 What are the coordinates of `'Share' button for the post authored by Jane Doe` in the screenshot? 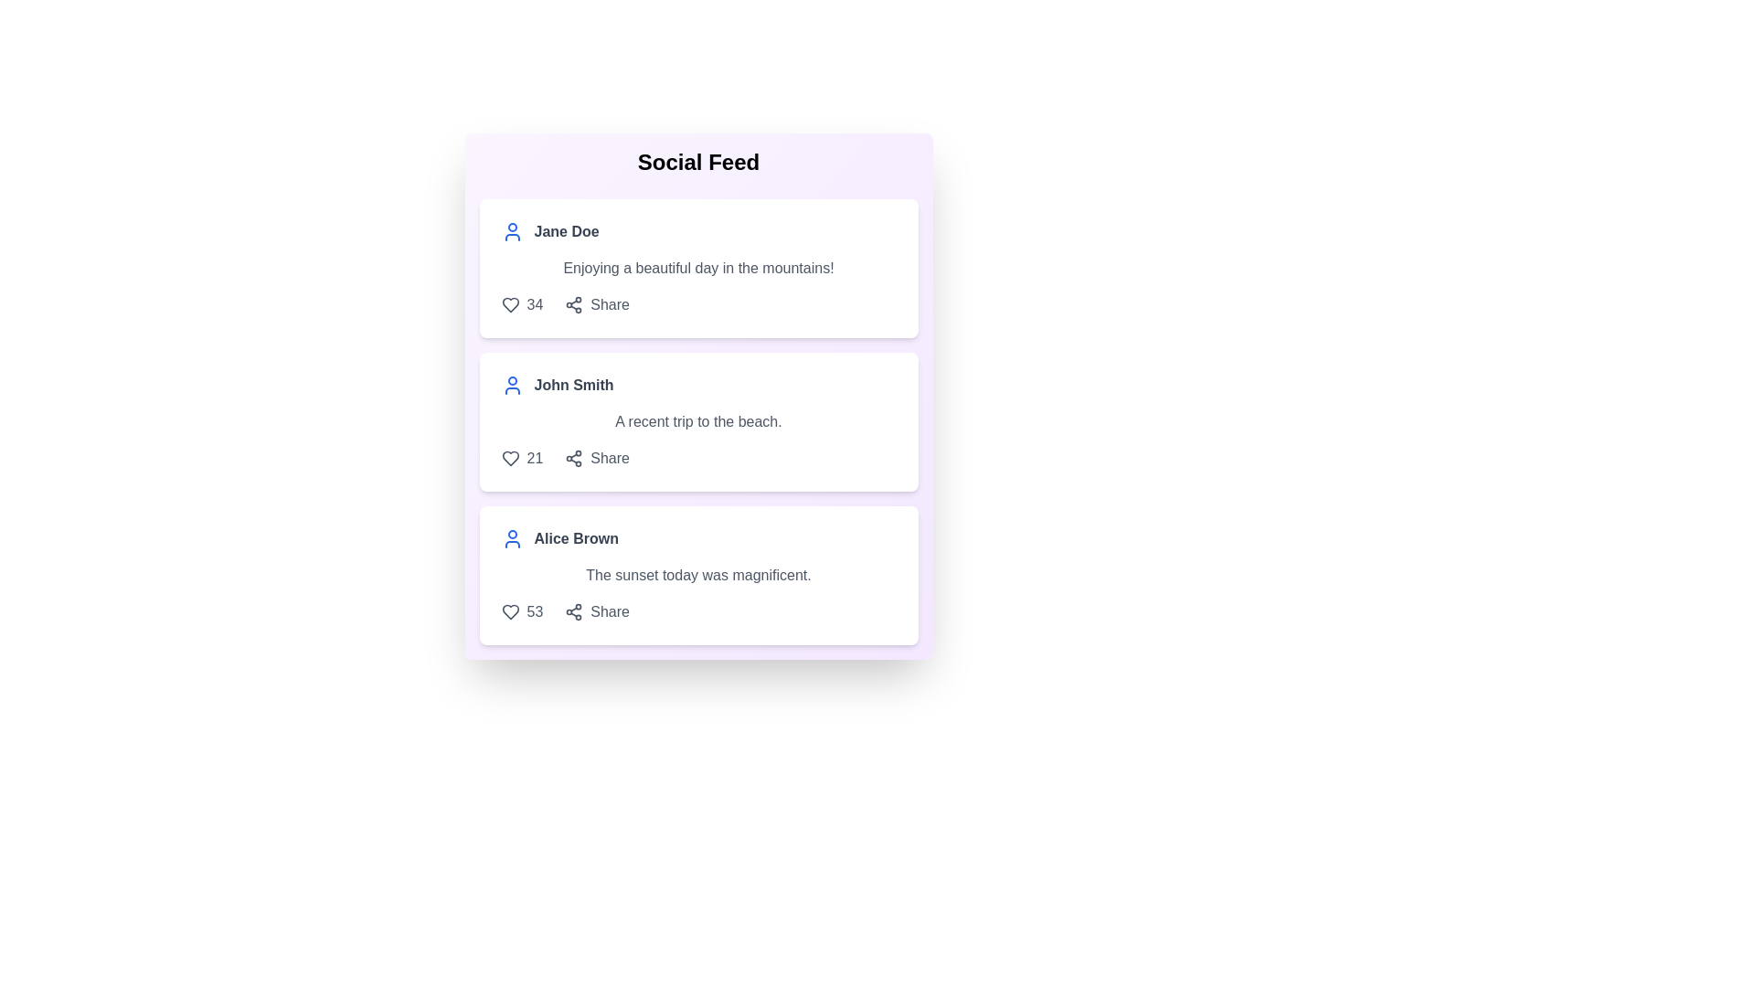 It's located at (597, 304).